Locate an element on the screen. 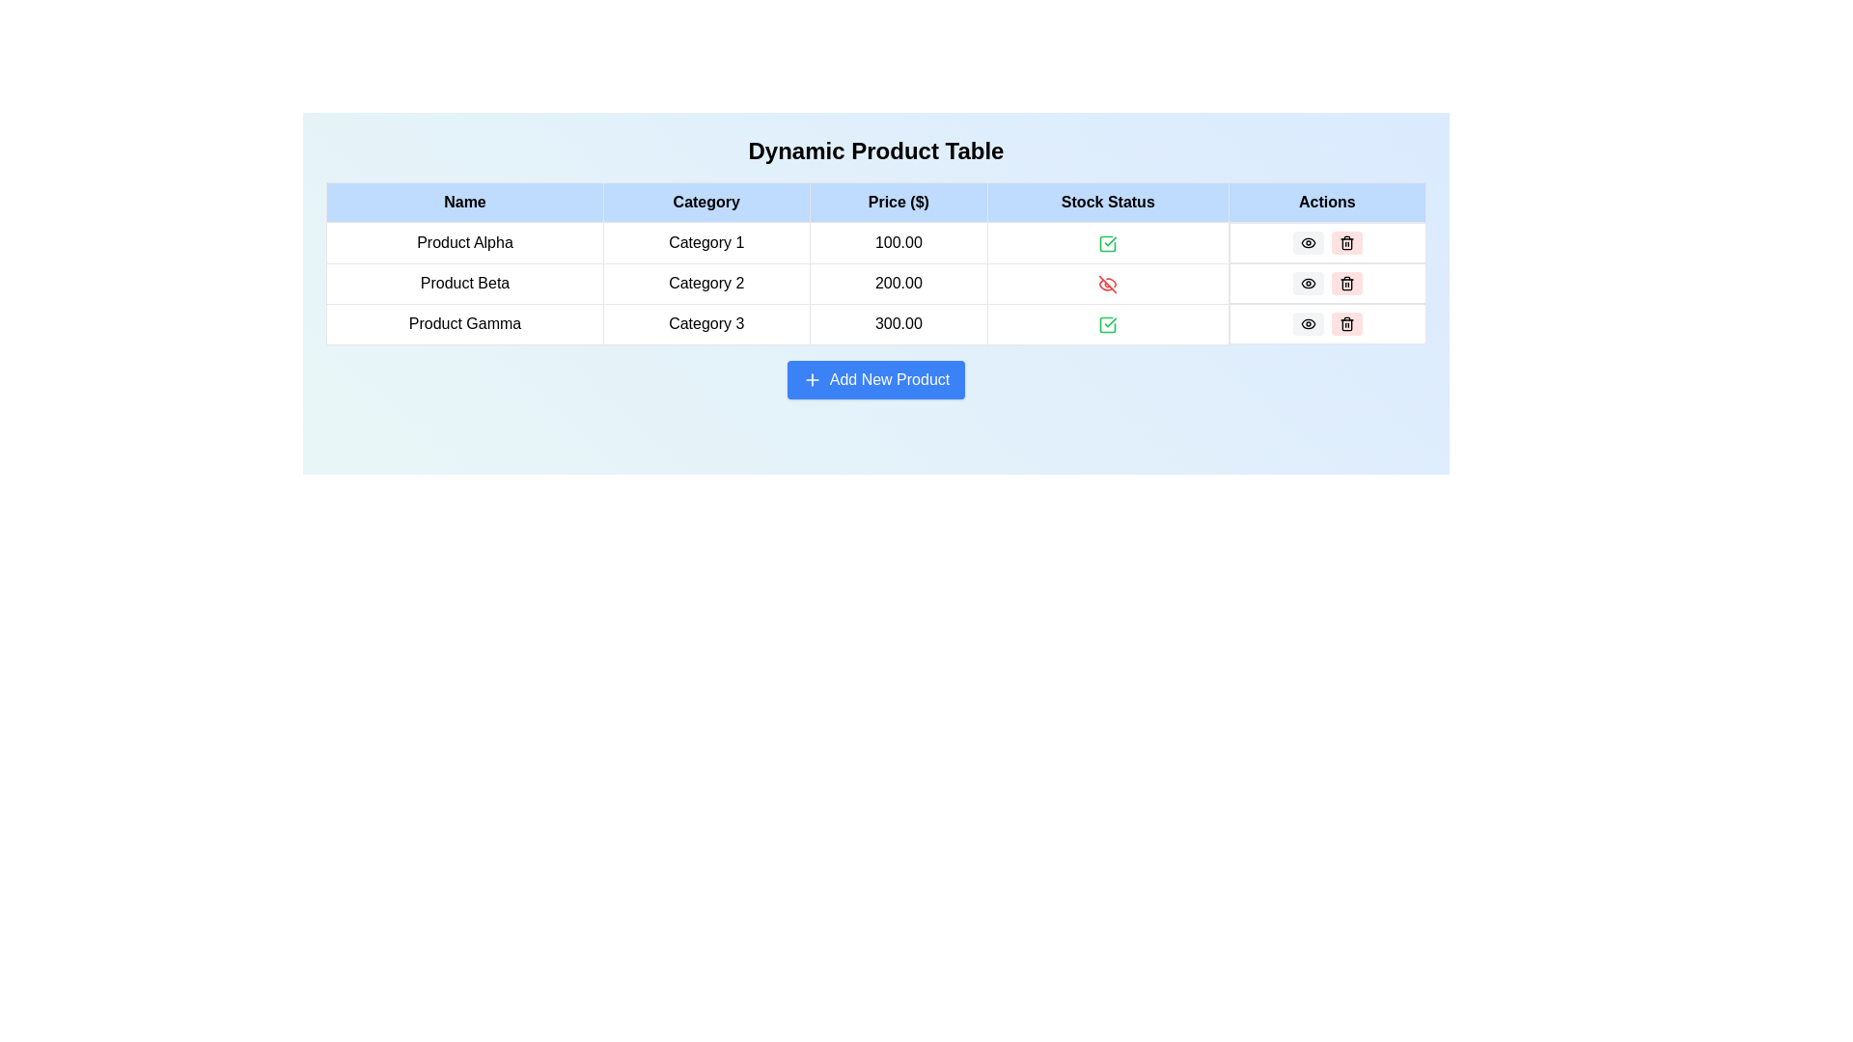 Image resolution: width=1853 pixels, height=1042 pixels. the rightmost header of the table column, which indicates the type of actions available for each row, located at the top right of the header row is located at coordinates (1326, 202).